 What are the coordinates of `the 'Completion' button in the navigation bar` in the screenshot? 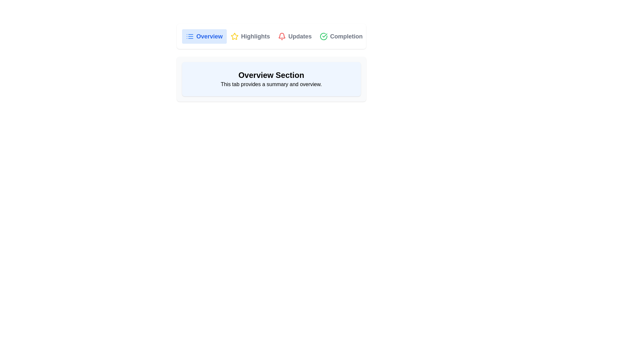 It's located at (346, 36).